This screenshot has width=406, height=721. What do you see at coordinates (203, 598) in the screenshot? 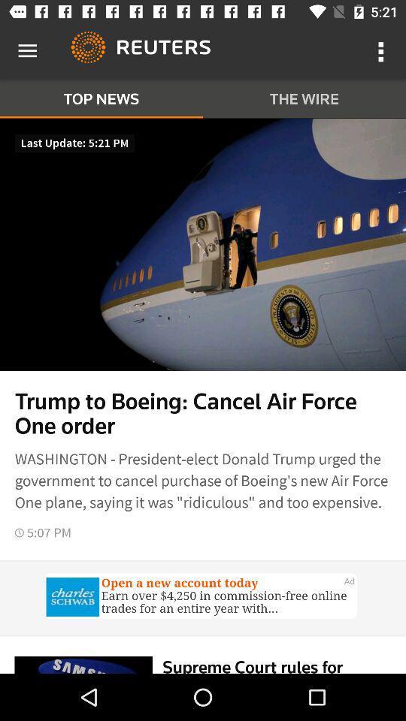
I see `share the article` at bounding box center [203, 598].